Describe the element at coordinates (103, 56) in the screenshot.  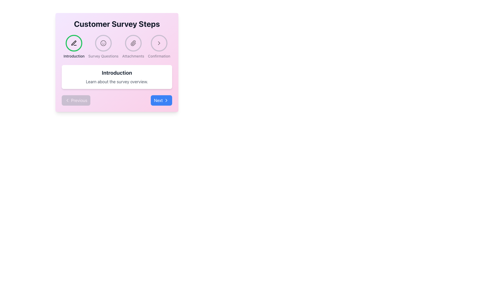
I see `the 'Survey Questions' text label in the multi-step process UI to highlight it` at that location.